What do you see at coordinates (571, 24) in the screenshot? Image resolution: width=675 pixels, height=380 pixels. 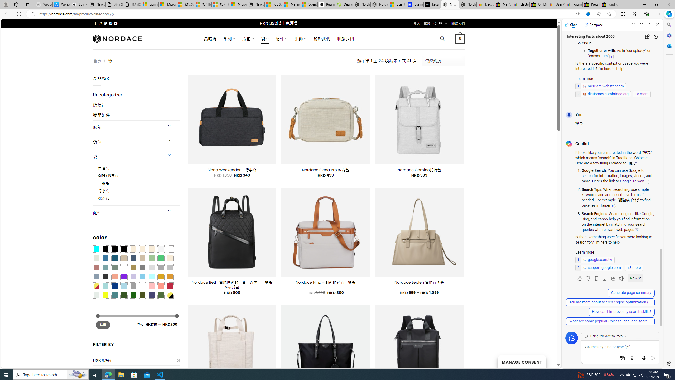 I see `'Chat'` at bounding box center [571, 24].